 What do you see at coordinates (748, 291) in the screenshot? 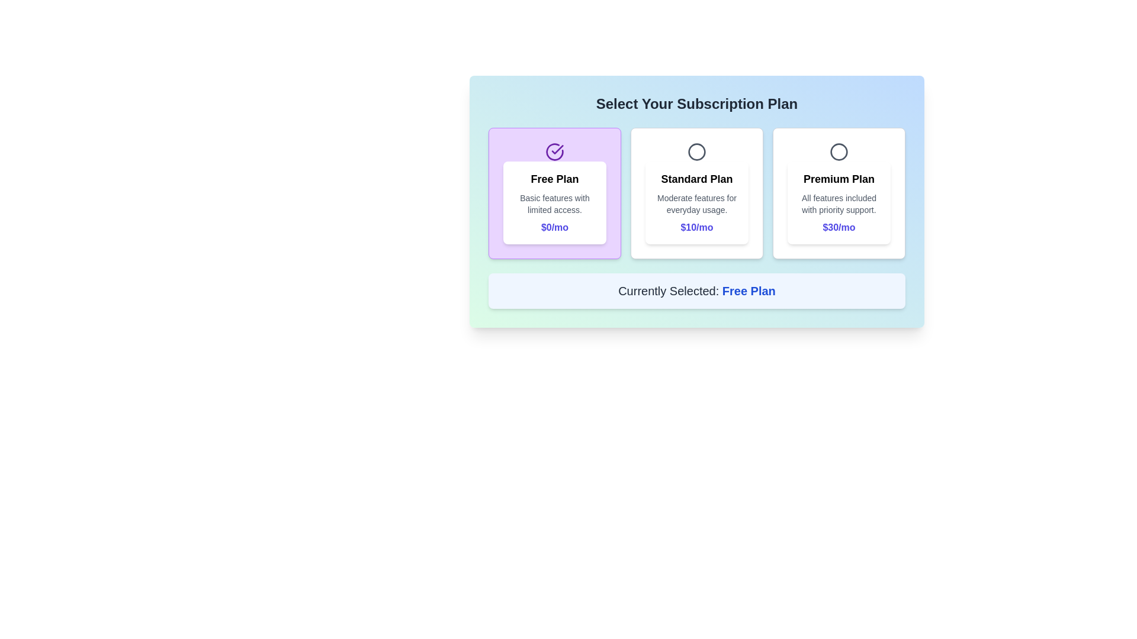
I see `the text label styled in bold blue font that displays 'Free Plan', which is located to the right of 'Currently Selected:' in the active selection bar` at bounding box center [748, 291].